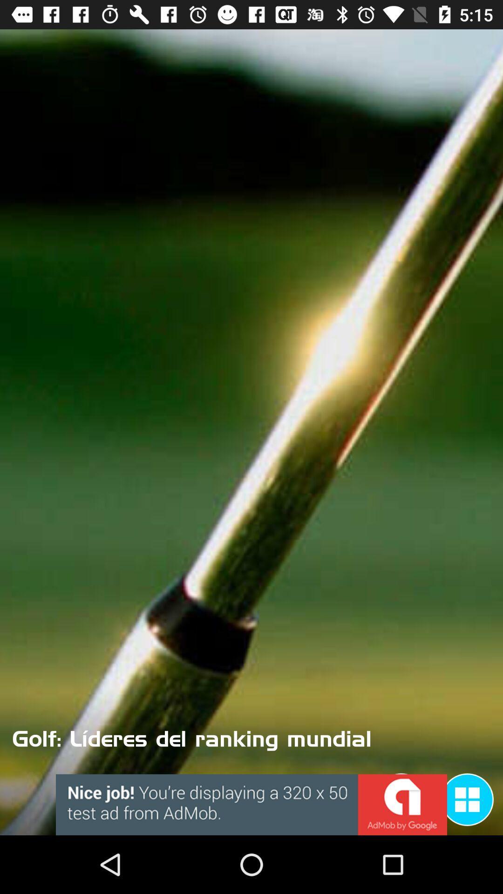 This screenshot has height=894, width=503. I want to click on the dashboard icon, so click(467, 799).